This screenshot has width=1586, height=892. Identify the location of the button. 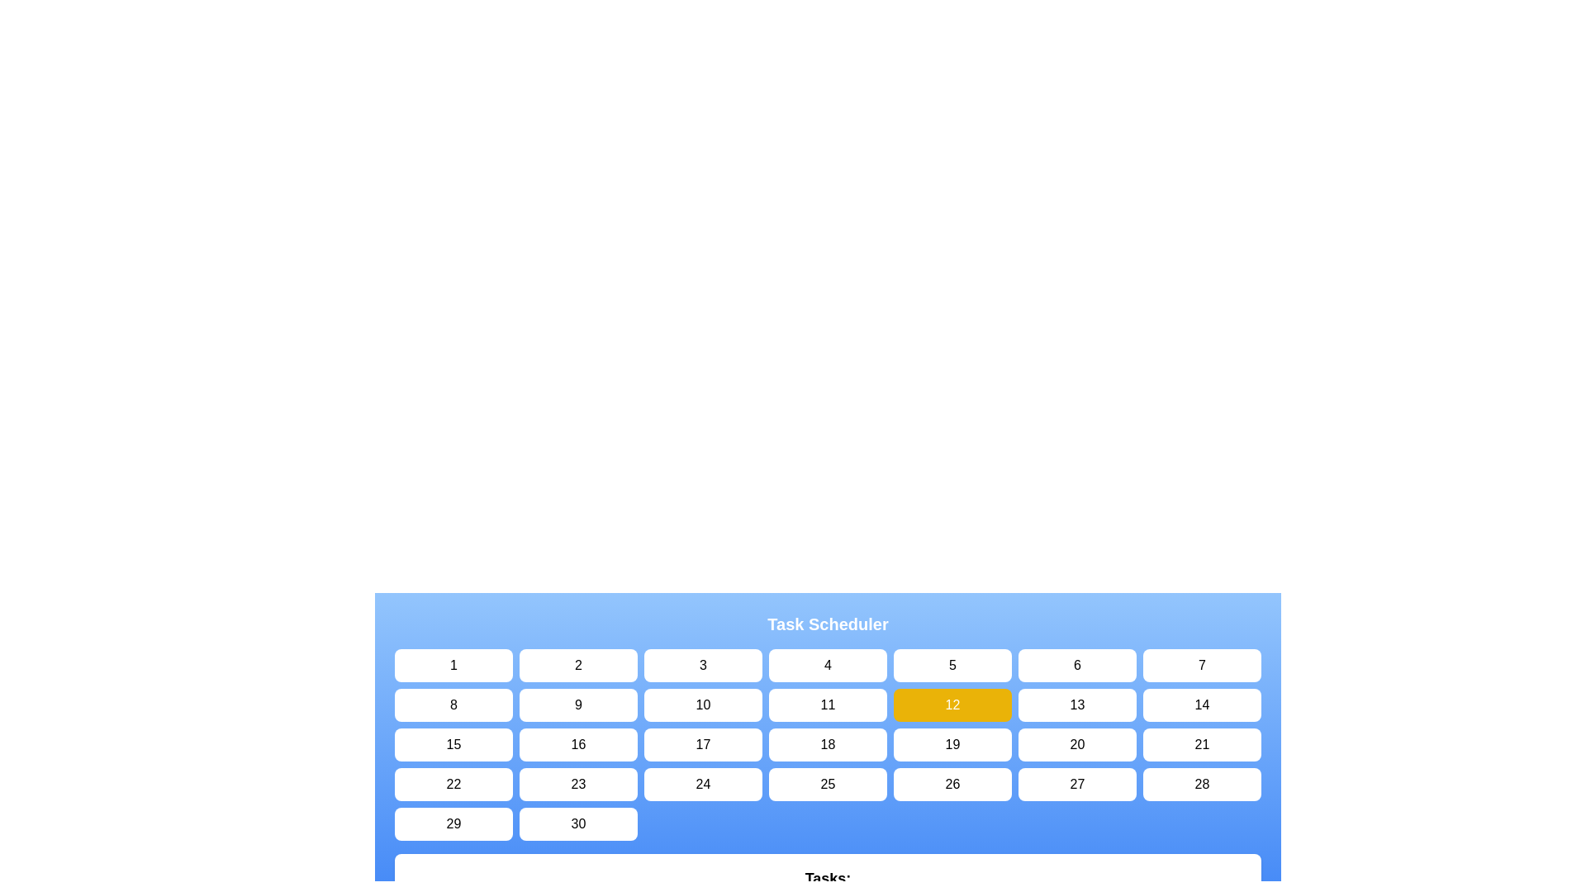
(453, 745).